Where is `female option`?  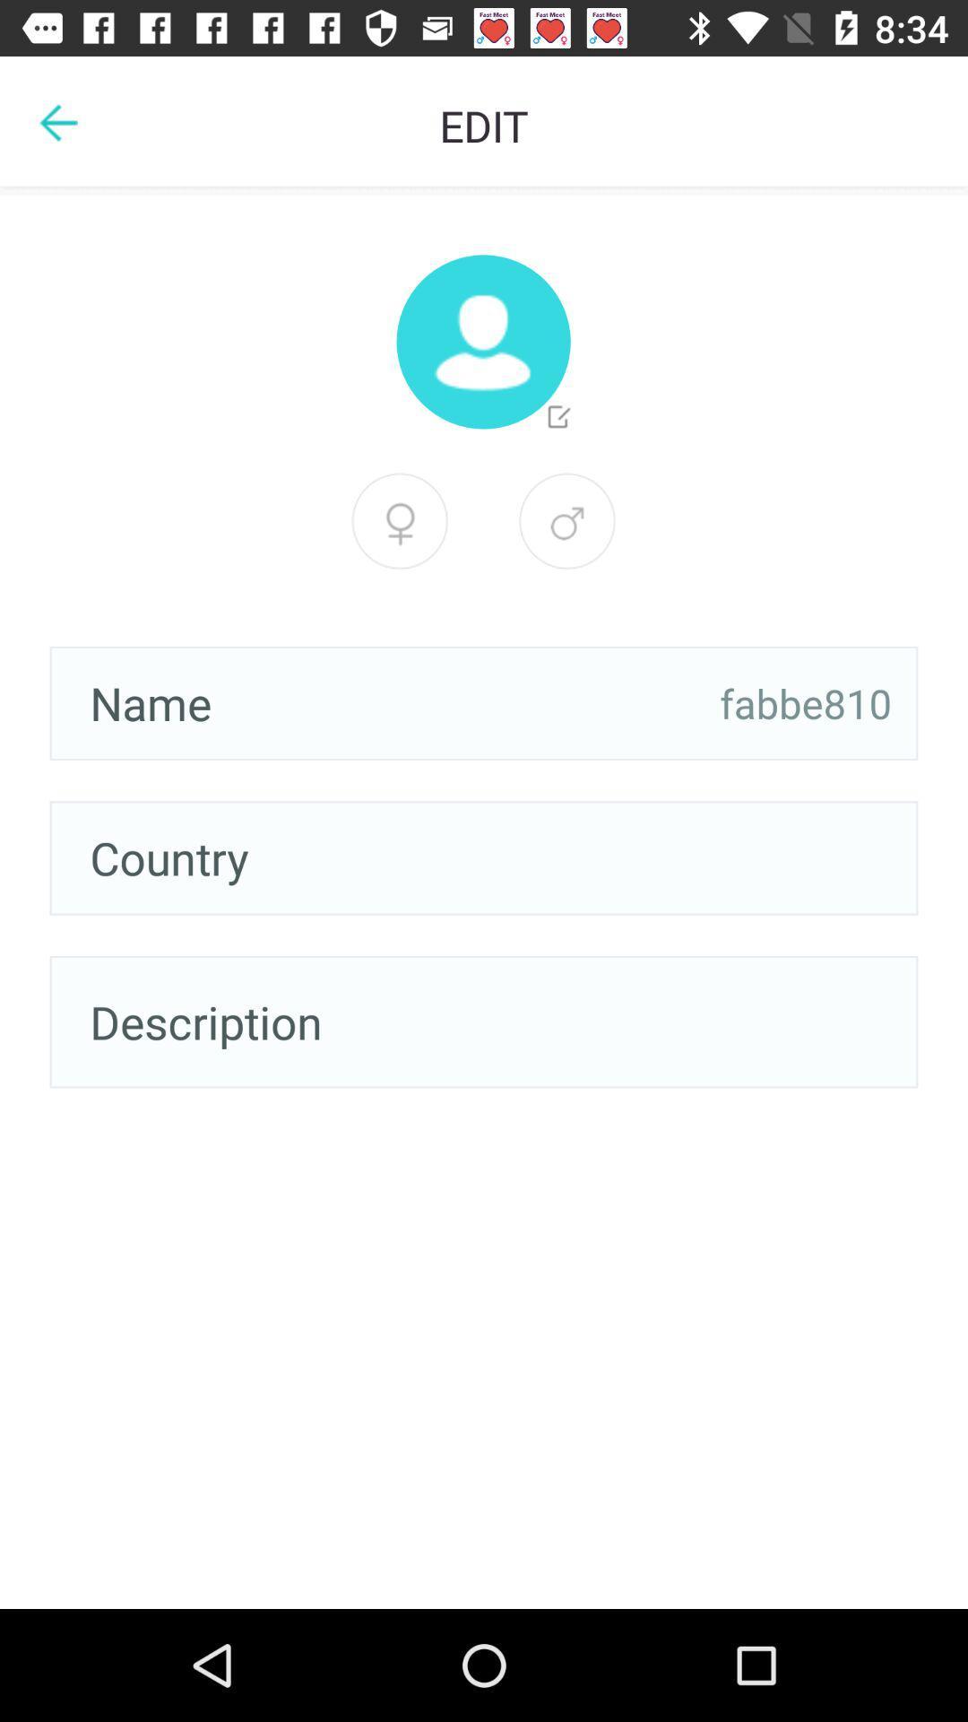 female option is located at coordinates (566, 520).